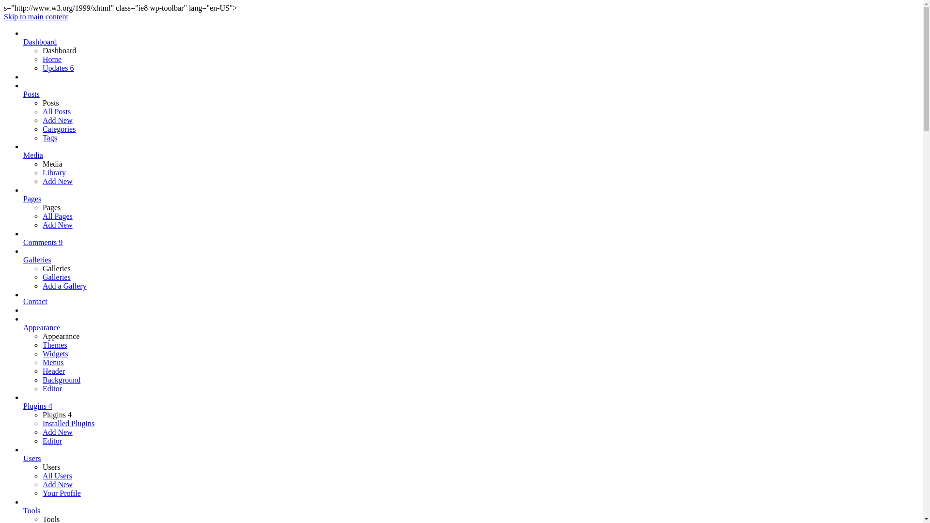 This screenshot has width=930, height=523. Describe the element at coordinates (49, 138) in the screenshot. I see `'Tags'` at that location.